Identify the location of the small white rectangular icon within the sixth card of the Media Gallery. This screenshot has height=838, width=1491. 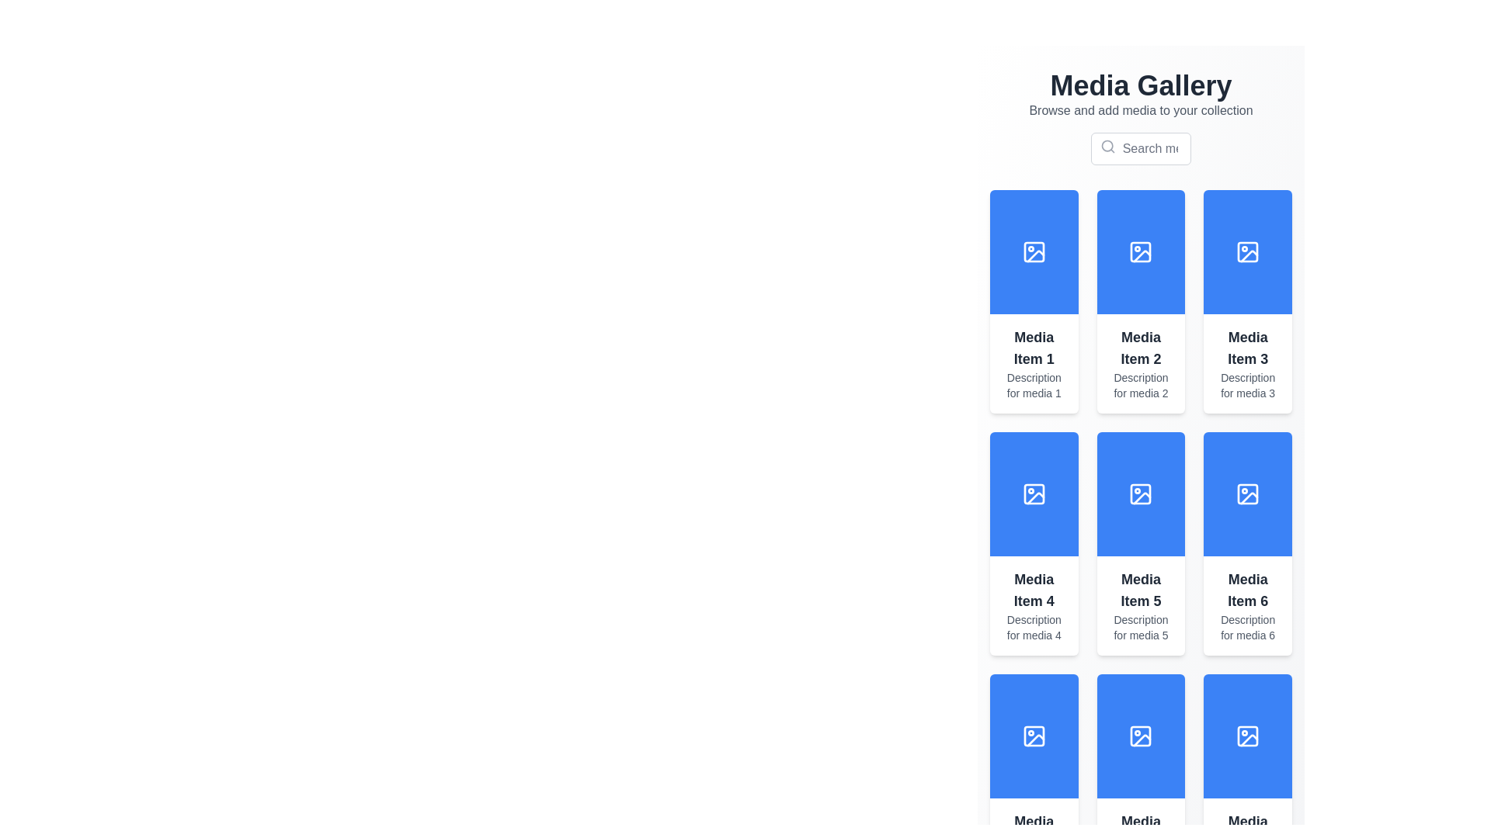
(1141, 735).